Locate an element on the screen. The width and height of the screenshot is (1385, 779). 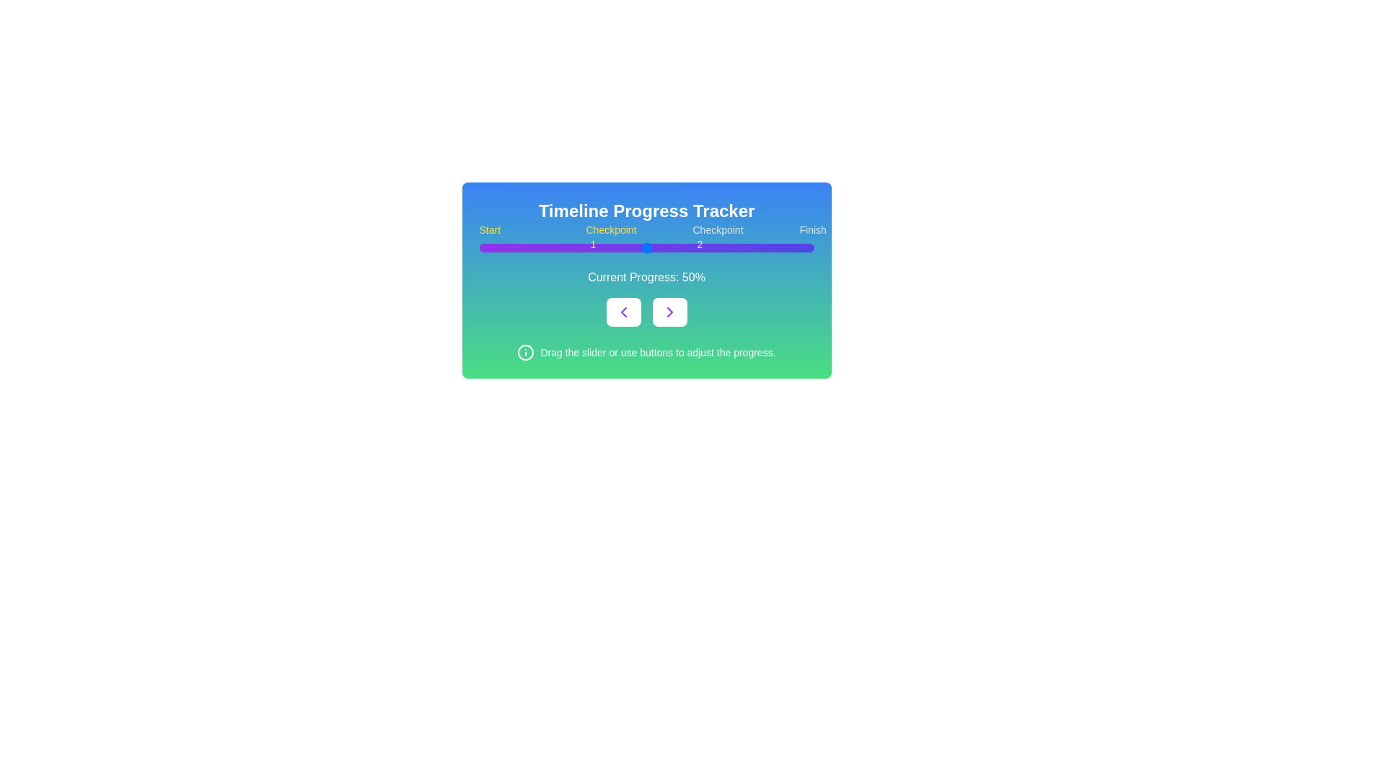
progress on the slider is located at coordinates (720, 247).